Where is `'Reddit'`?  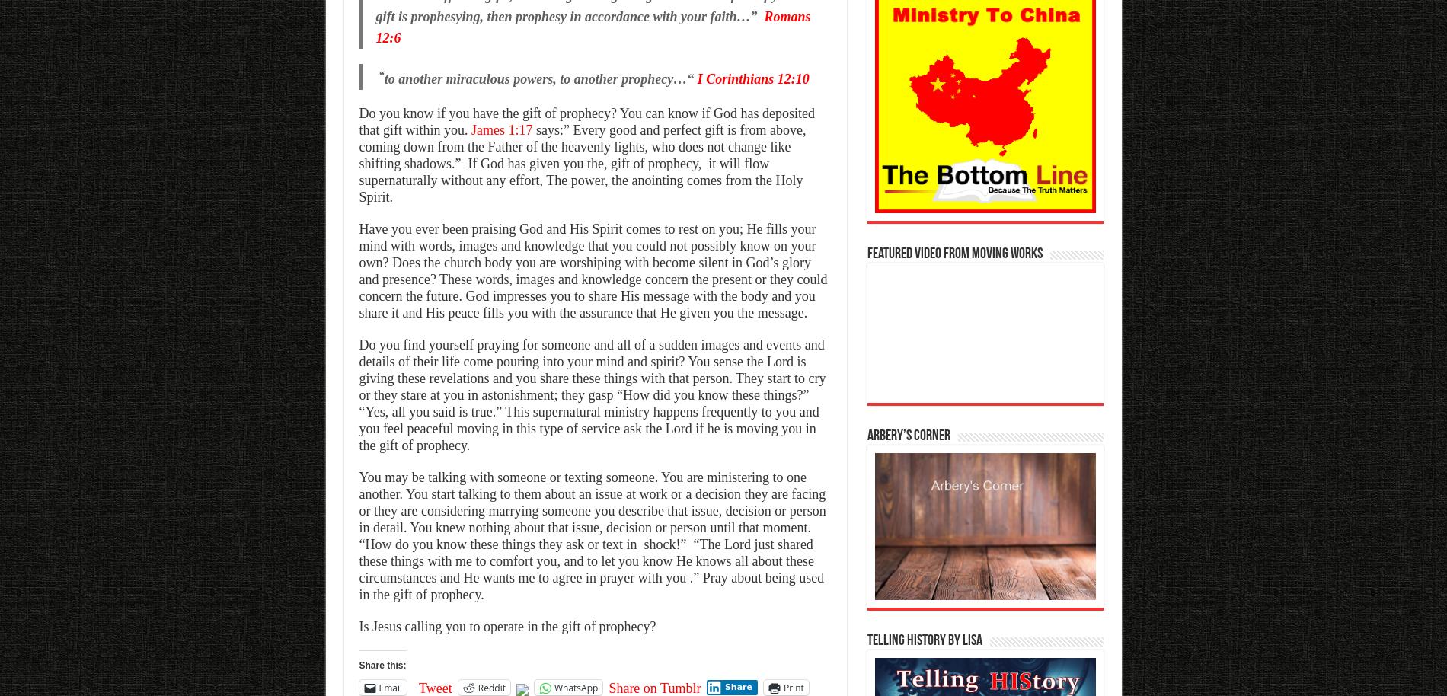
'Reddit' is located at coordinates (491, 686).